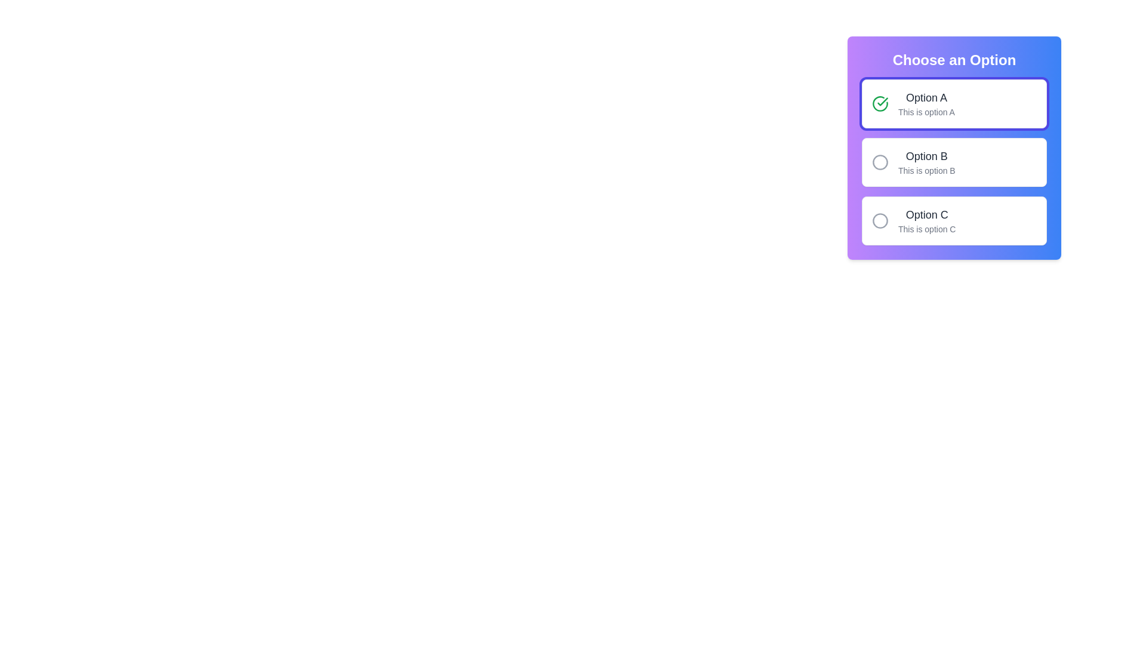  What do you see at coordinates (880, 103) in the screenshot?
I see `the icon indicating 'Option A' in the vertical selection menu located on the right side of the interface` at bounding box center [880, 103].